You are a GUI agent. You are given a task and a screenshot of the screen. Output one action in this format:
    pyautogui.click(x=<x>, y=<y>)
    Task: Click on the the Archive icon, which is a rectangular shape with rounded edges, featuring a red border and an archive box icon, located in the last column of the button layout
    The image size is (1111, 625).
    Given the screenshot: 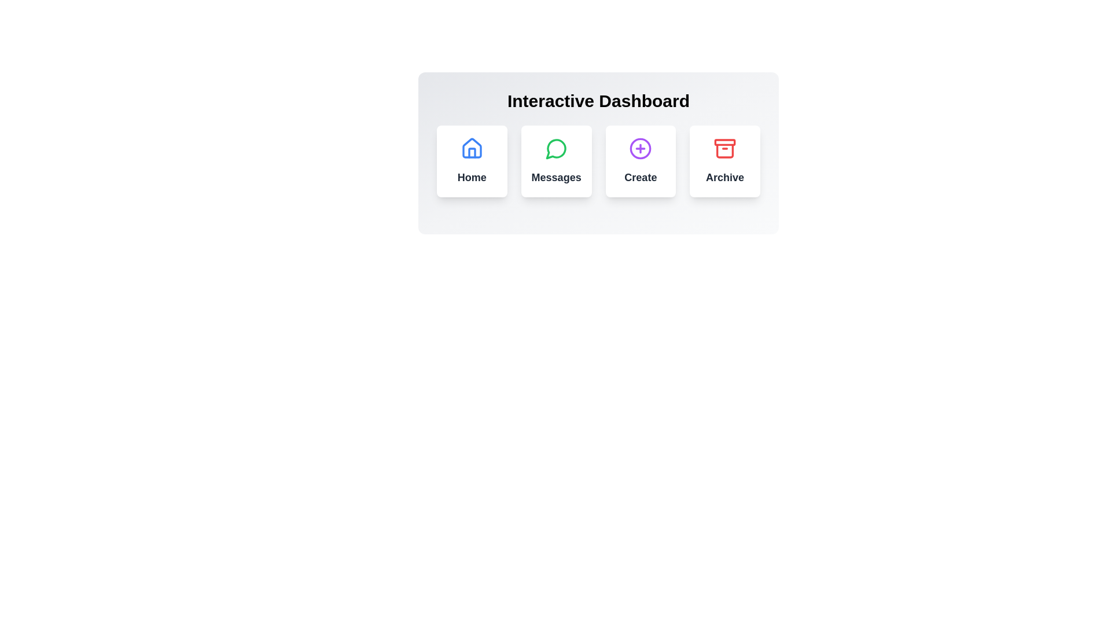 What is the action you would take?
    pyautogui.click(x=724, y=150)
    